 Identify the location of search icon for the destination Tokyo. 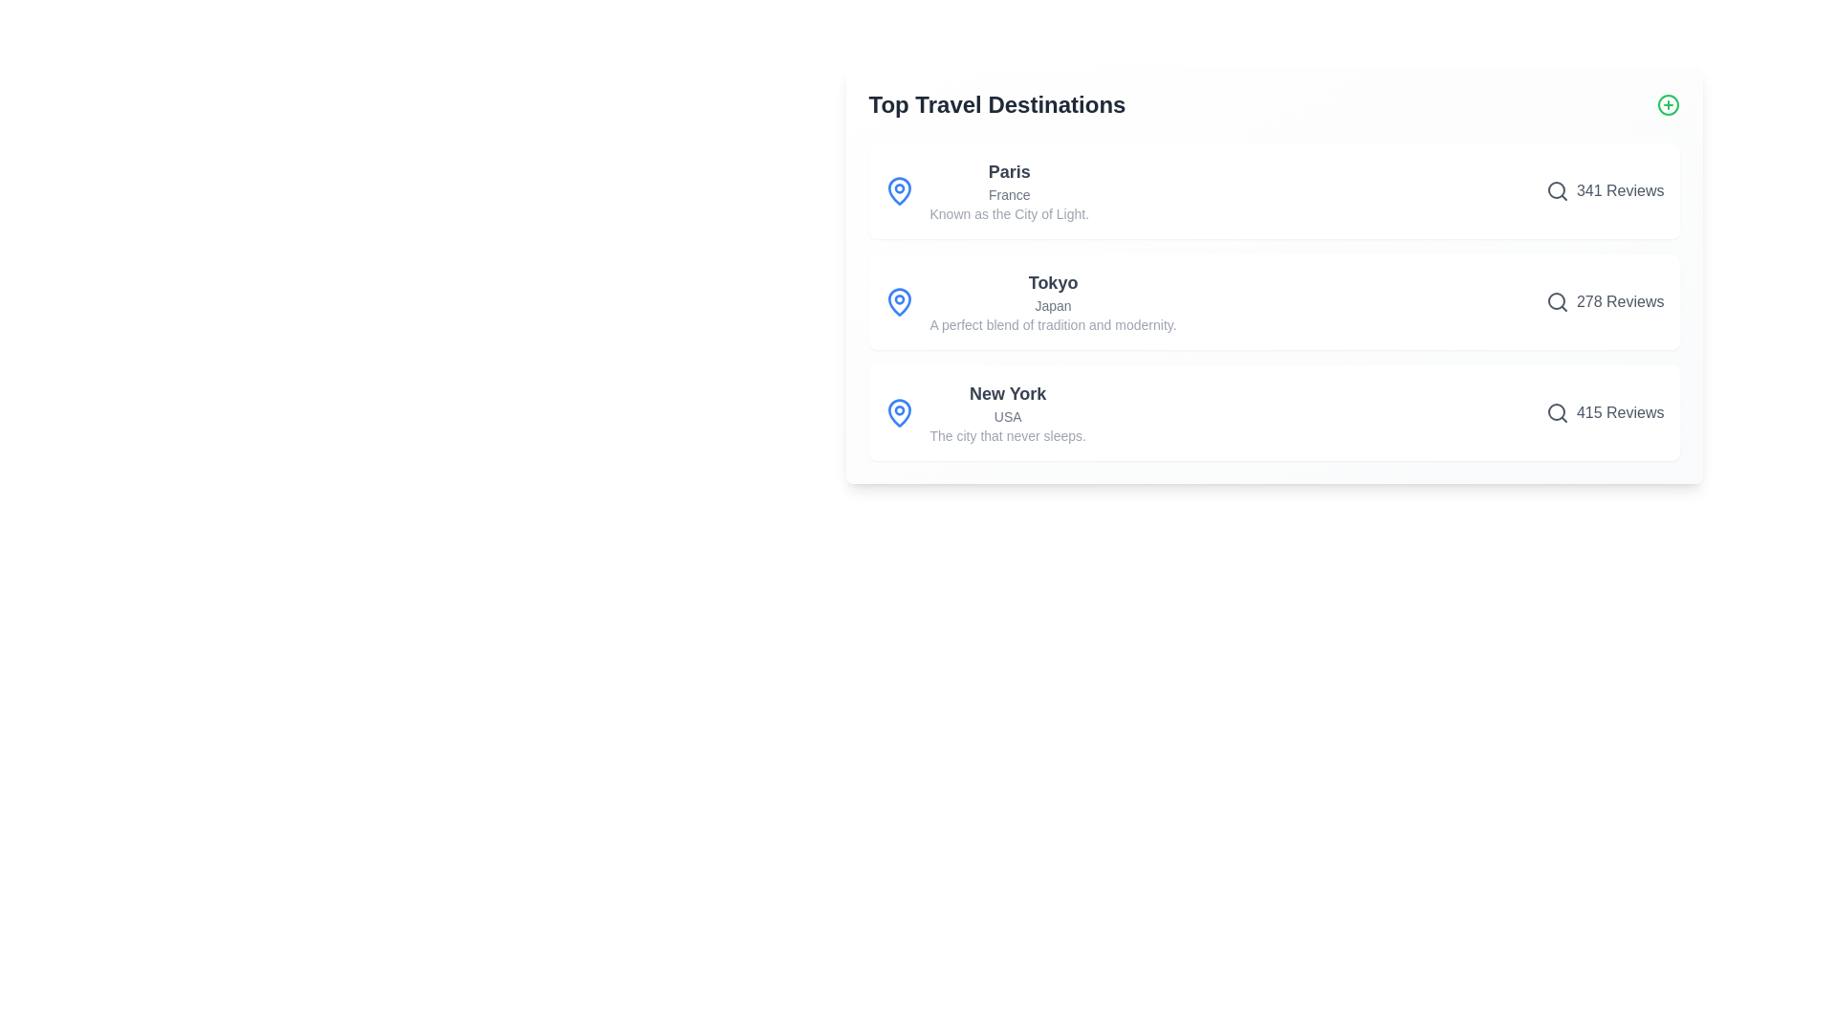
(1557, 301).